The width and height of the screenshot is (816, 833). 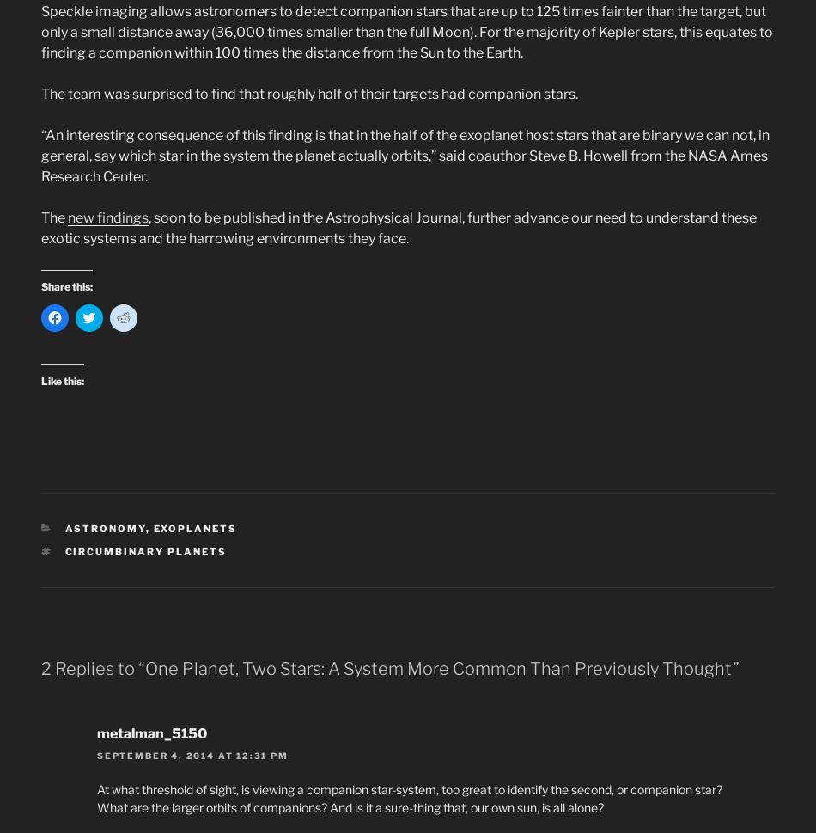 What do you see at coordinates (398, 228) in the screenshot?
I see `', soon to be published in the Astrophysical Journal, further advance our need to understand these exotic systems and the harrowing environments they face.'` at bounding box center [398, 228].